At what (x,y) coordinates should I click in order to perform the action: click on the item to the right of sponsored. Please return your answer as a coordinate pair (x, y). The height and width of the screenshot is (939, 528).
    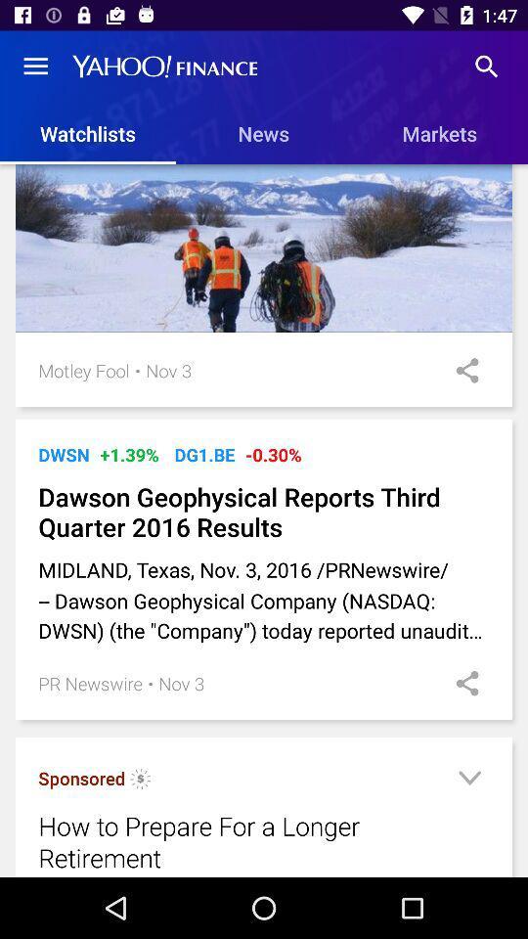
    Looking at the image, I should click on (140, 782).